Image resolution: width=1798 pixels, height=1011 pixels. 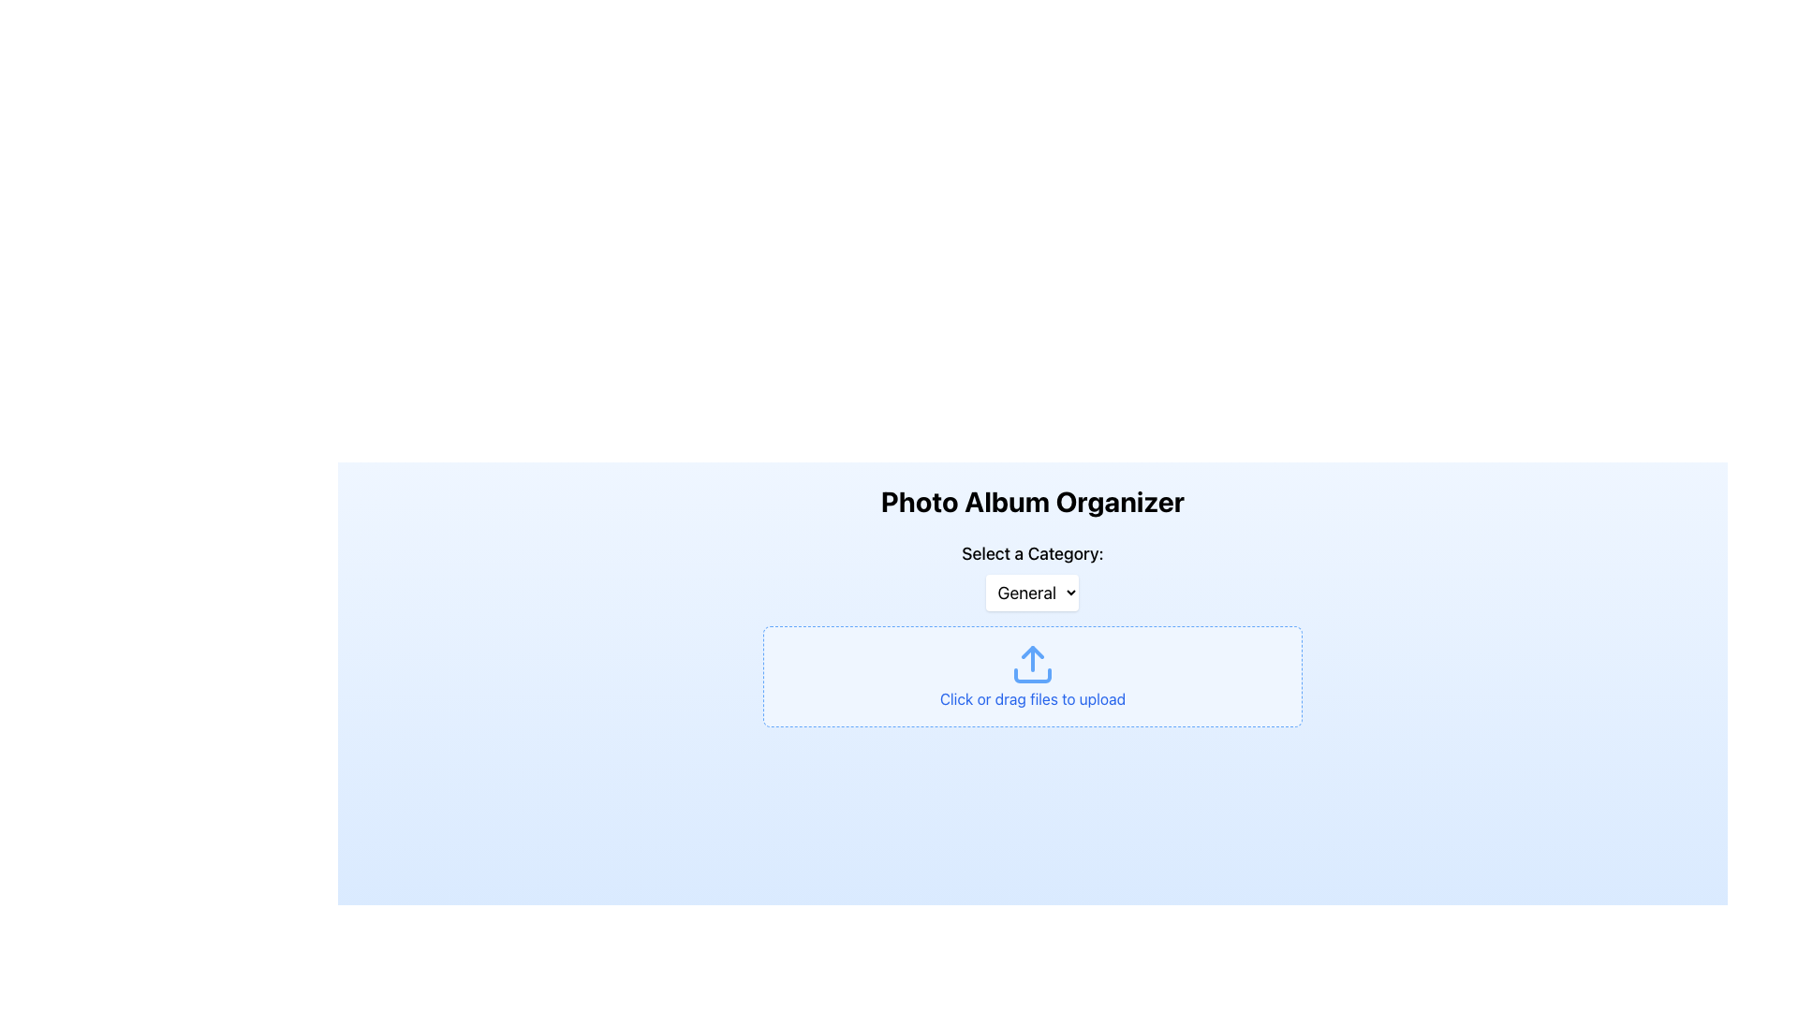 I want to click on files onto the File Upload Area located beneath the 'Select a Category' dropdown menu, so click(x=1032, y=676).